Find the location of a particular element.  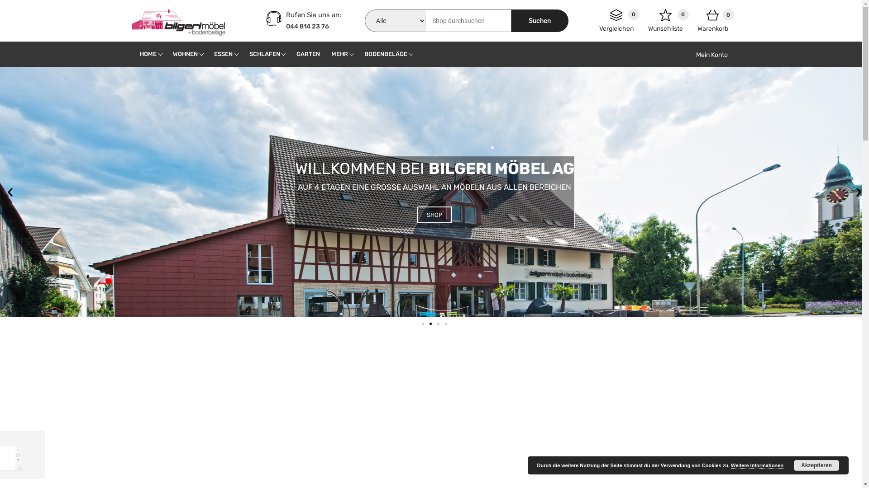

'Suchen' is located at coordinates (540, 20).